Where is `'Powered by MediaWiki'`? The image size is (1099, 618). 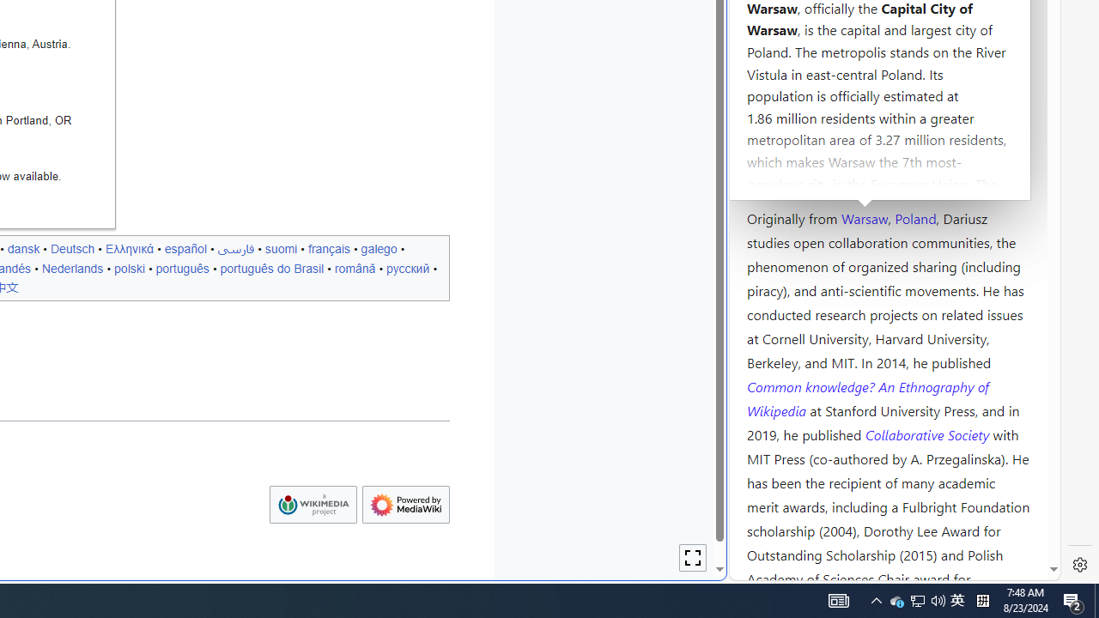 'Powered by MediaWiki' is located at coordinates (404, 504).